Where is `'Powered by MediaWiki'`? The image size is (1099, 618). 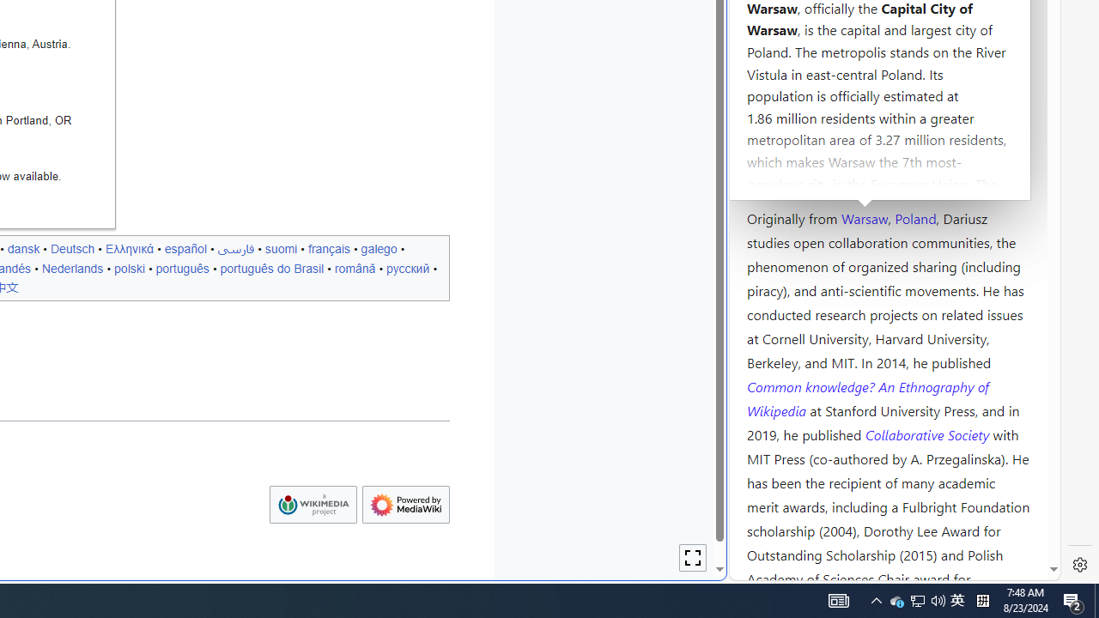 'Powered by MediaWiki' is located at coordinates (404, 504).